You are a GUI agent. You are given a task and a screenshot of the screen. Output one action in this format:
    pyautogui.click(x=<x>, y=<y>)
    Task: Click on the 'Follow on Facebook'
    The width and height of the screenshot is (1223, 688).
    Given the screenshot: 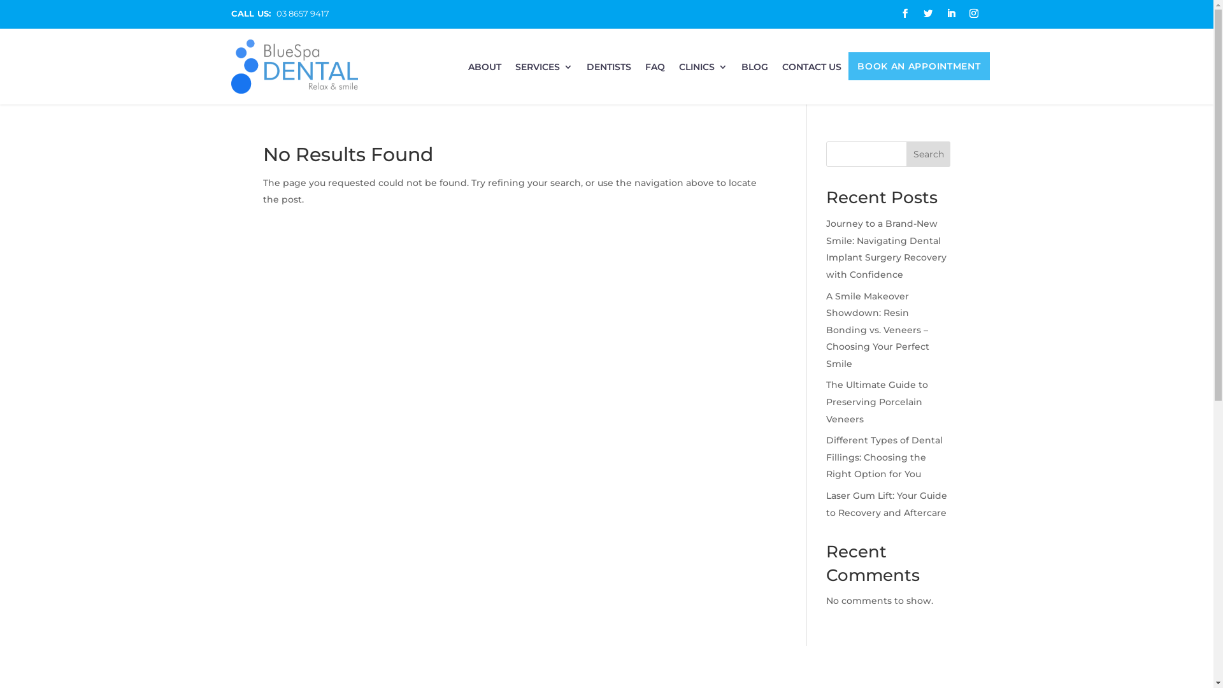 What is the action you would take?
    pyautogui.click(x=895, y=13)
    